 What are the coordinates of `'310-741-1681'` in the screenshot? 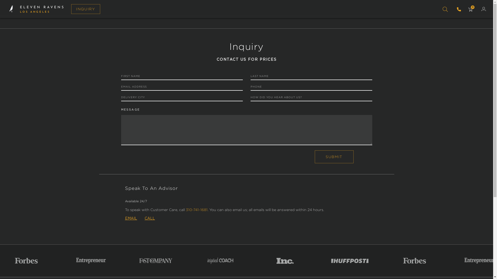 It's located at (186, 210).